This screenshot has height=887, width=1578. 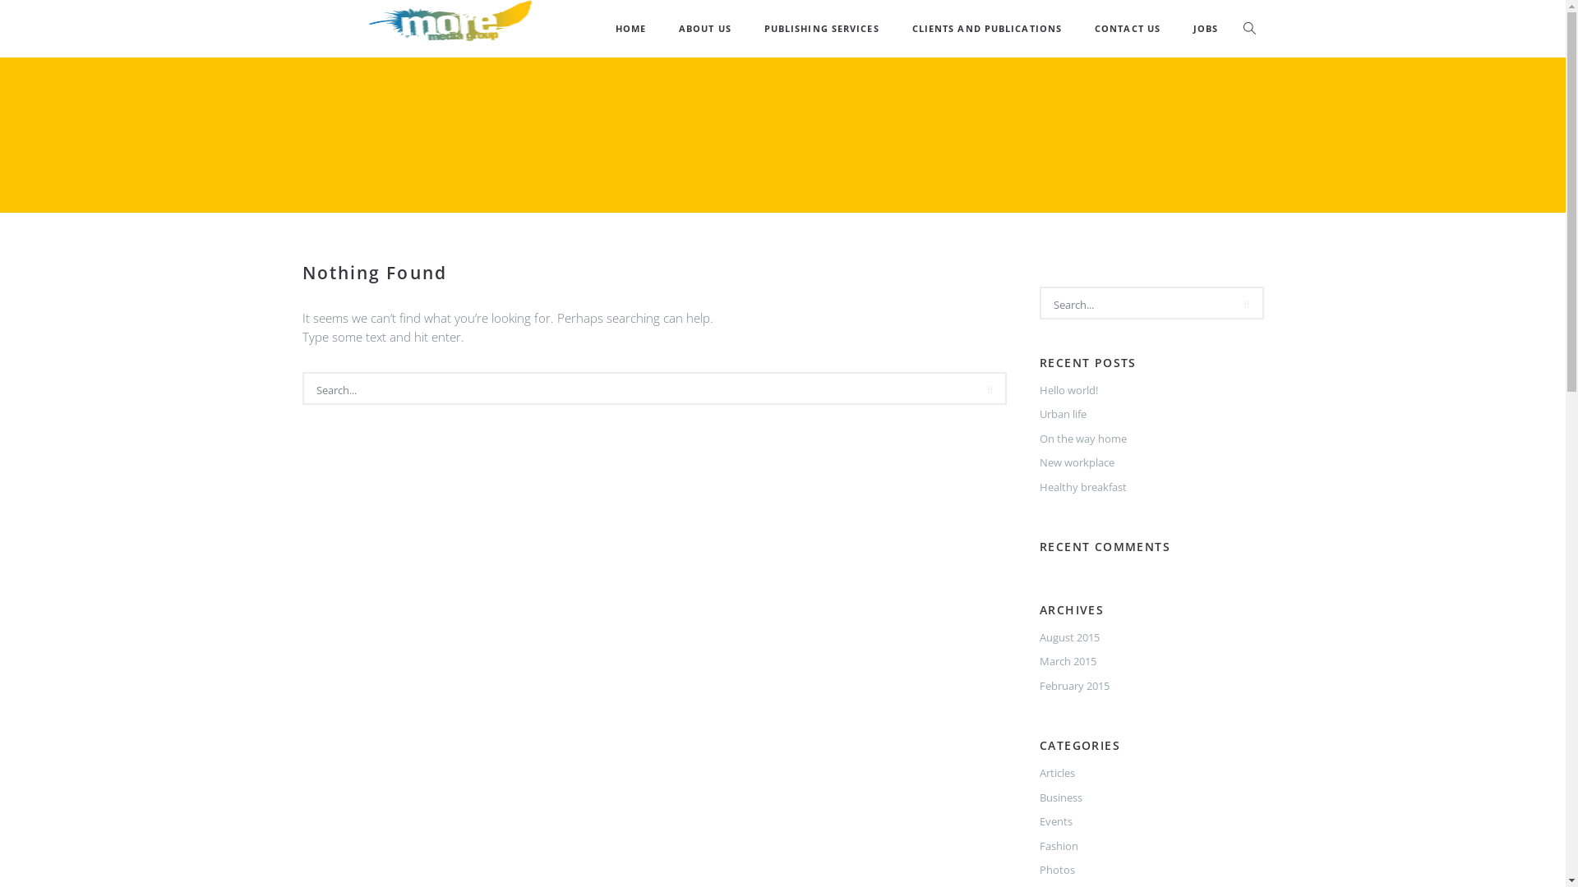 What do you see at coordinates (705, 28) in the screenshot?
I see `'ABOUT US'` at bounding box center [705, 28].